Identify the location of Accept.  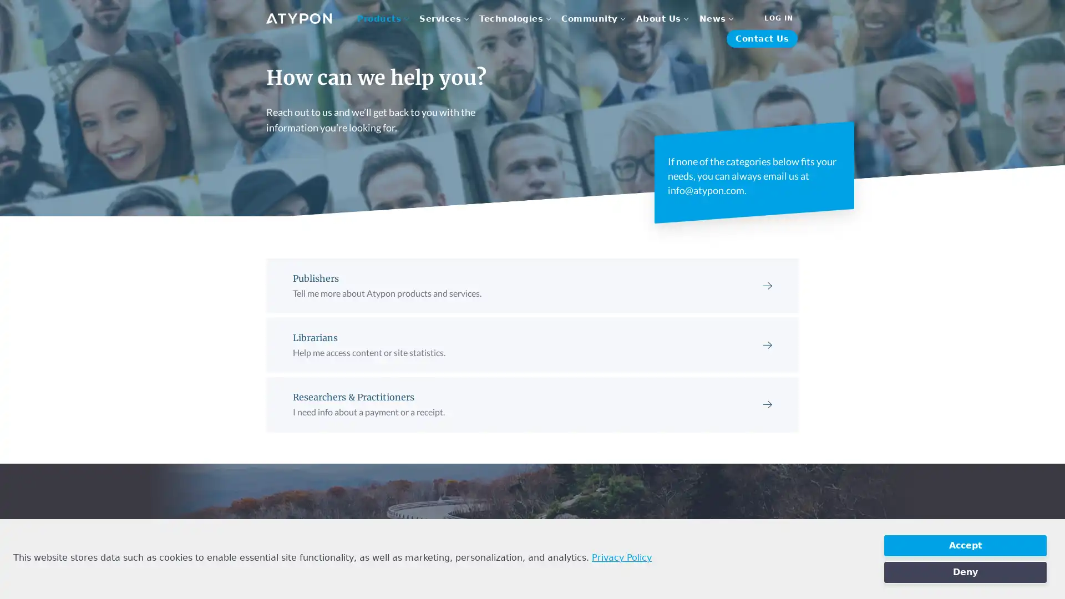
(965, 545).